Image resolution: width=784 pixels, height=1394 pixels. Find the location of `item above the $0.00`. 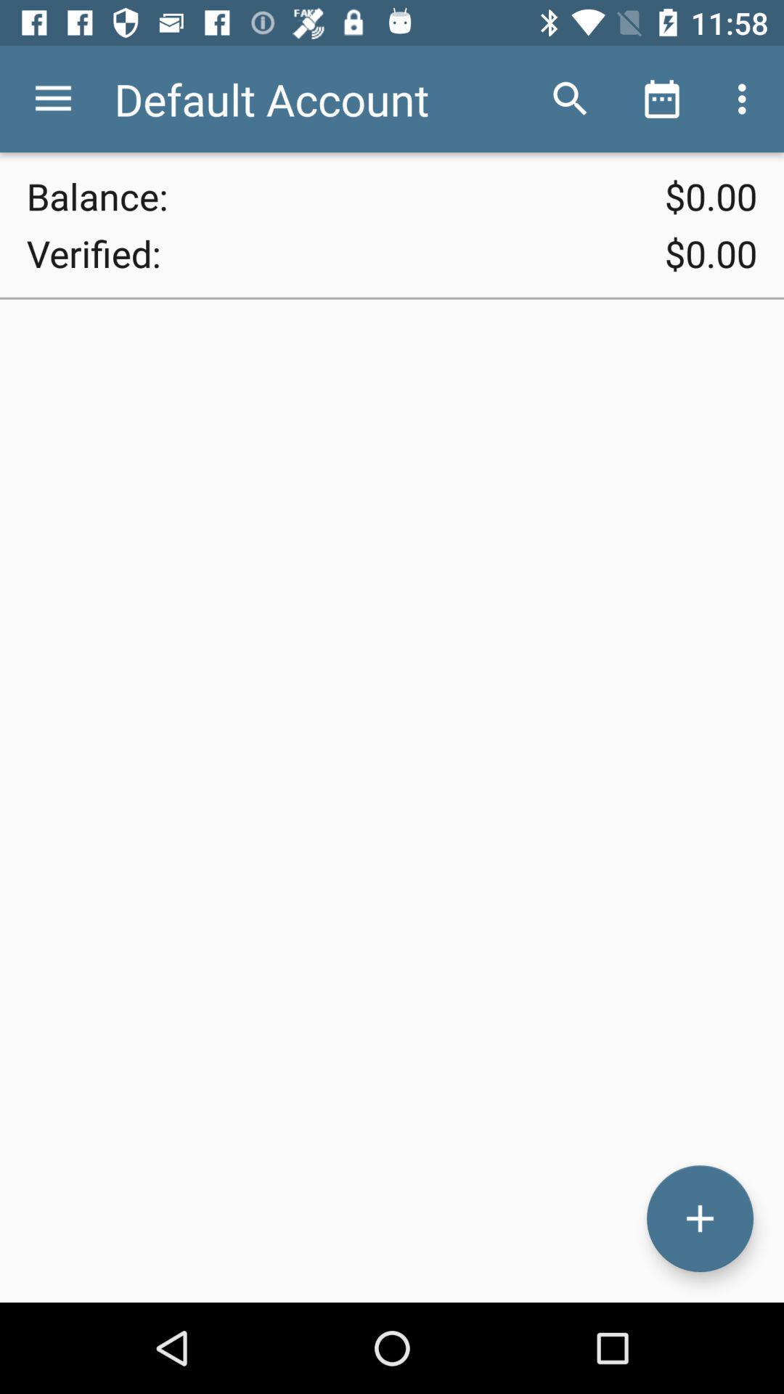

item above the $0.00 is located at coordinates (570, 98).